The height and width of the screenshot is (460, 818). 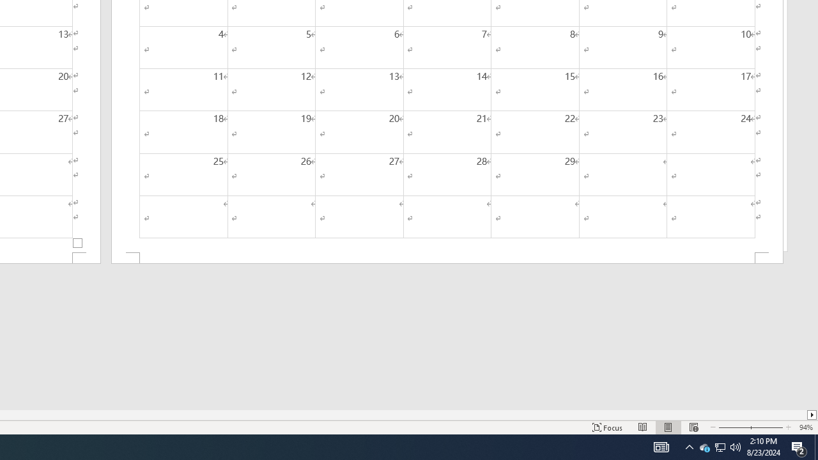 What do you see at coordinates (668, 427) in the screenshot?
I see `'Print Layout'` at bounding box center [668, 427].